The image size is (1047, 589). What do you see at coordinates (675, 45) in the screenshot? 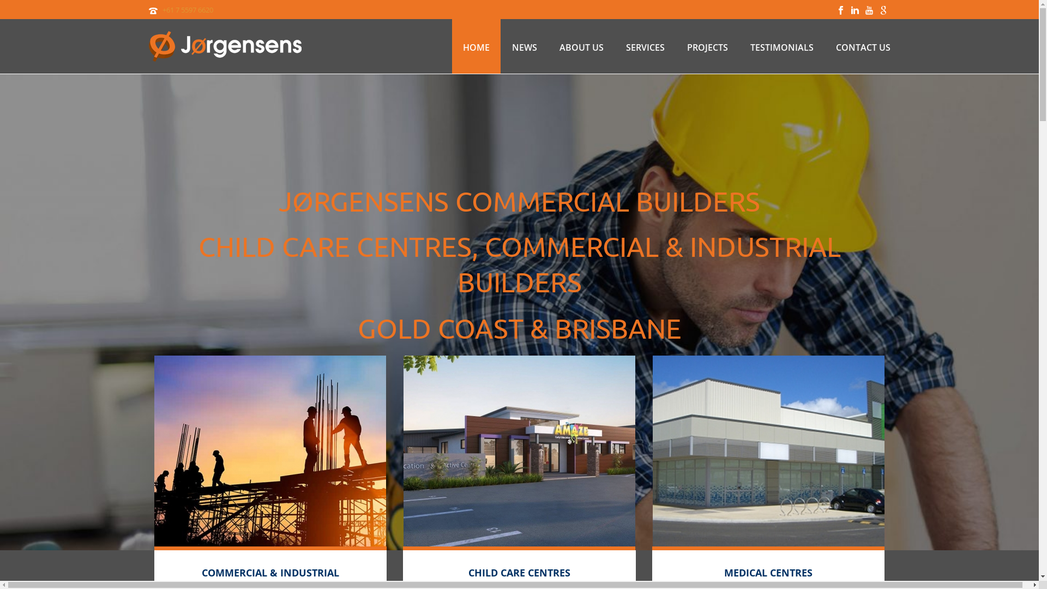
I see `'PROJECTS'` at bounding box center [675, 45].